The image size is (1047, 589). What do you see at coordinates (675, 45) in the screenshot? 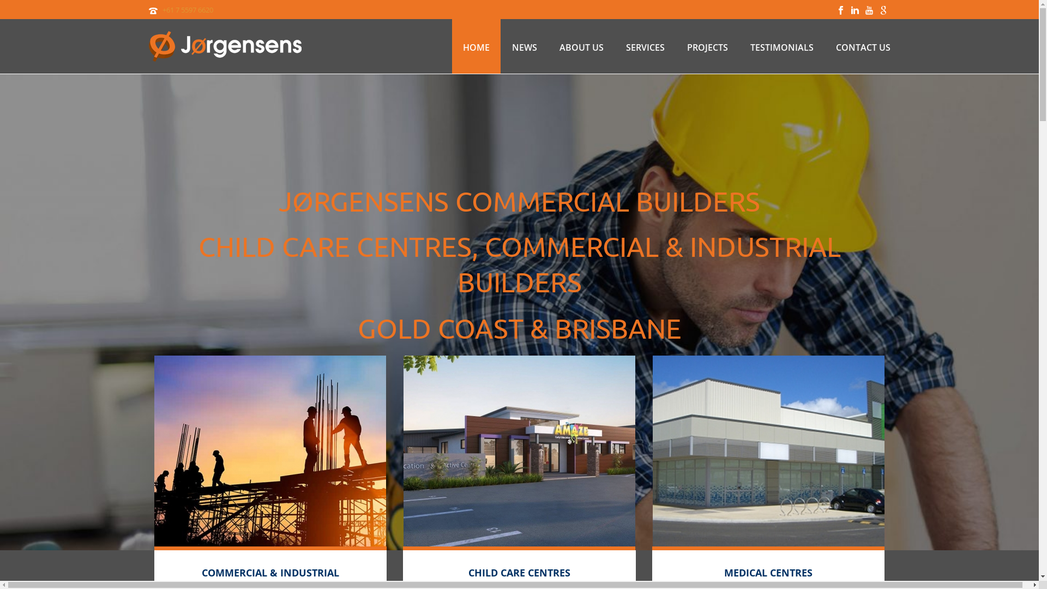
I see `'PROJECTS'` at bounding box center [675, 45].